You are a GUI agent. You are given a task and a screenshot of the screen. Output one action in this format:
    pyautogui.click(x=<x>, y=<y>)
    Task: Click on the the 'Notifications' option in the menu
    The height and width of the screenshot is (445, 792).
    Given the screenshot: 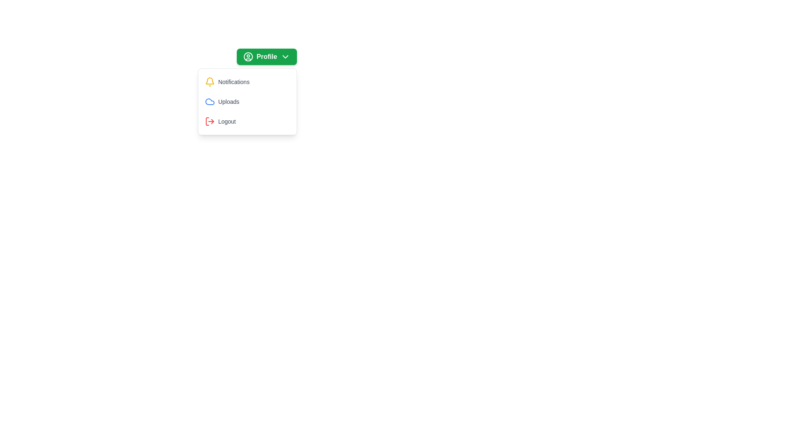 What is the action you would take?
    pyautogui.click(x=247, y=82)
    